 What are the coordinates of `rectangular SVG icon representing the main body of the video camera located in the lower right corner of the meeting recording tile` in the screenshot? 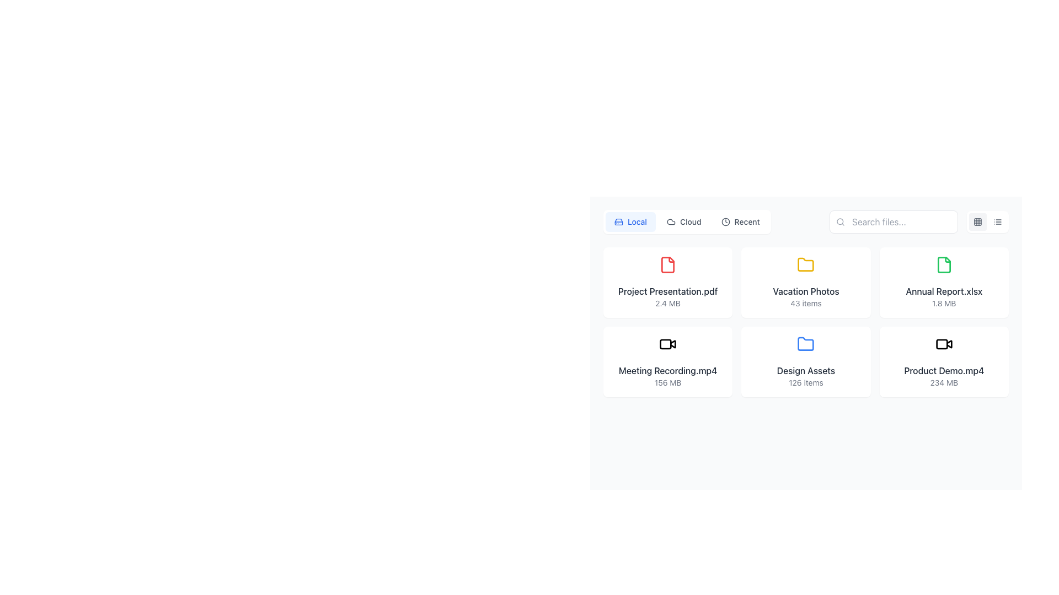 It's located at (665, 343).